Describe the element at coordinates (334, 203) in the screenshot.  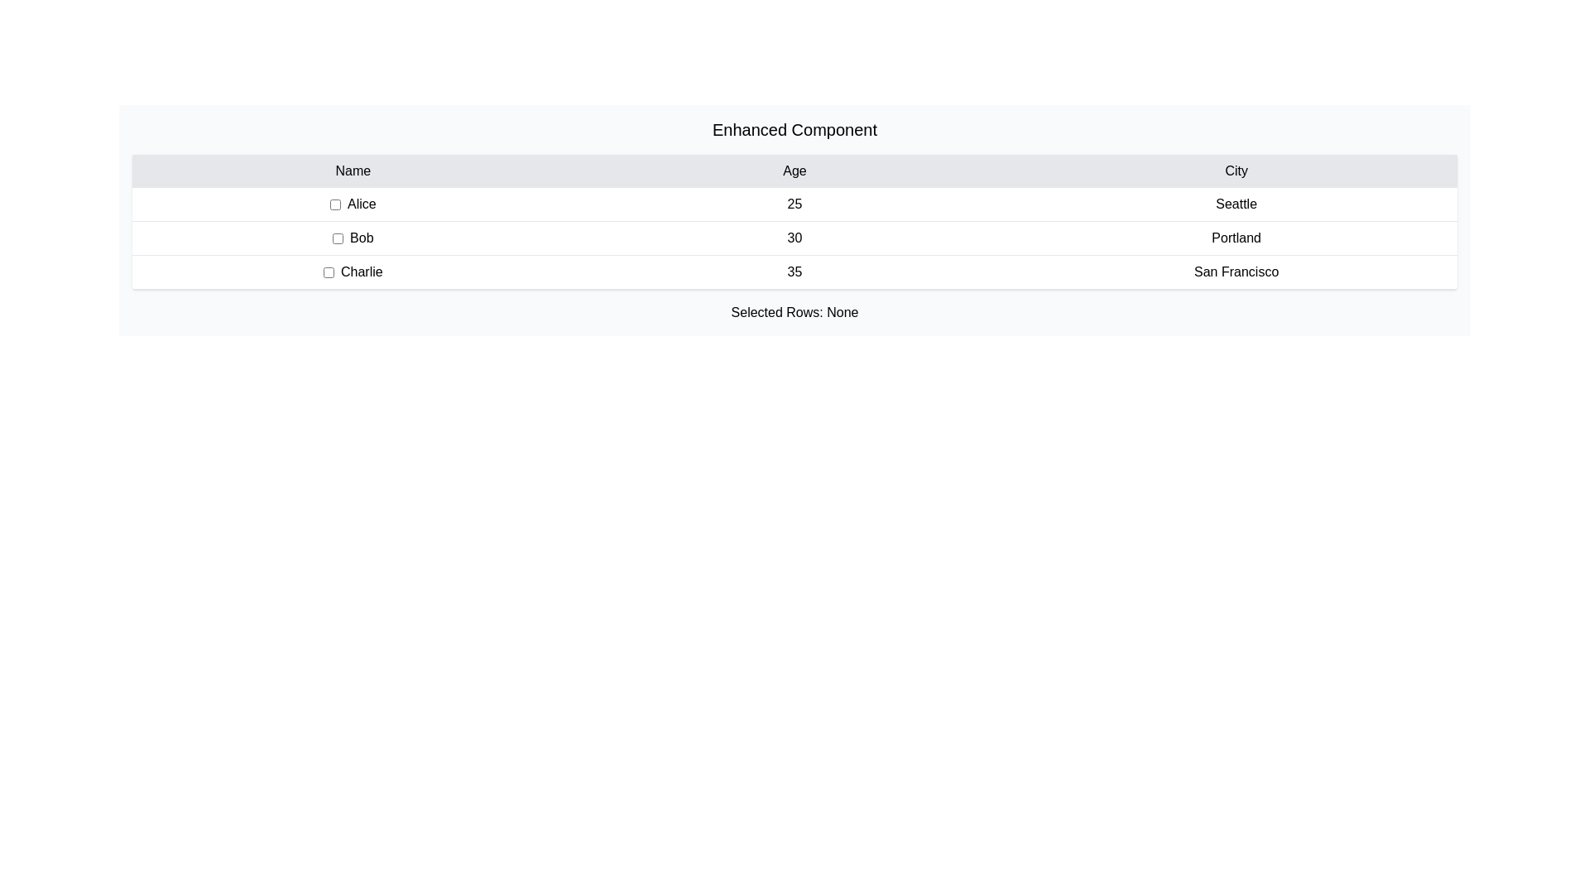
I see `the checkbox located in the first row of the table under the 'Name' header` at that location.